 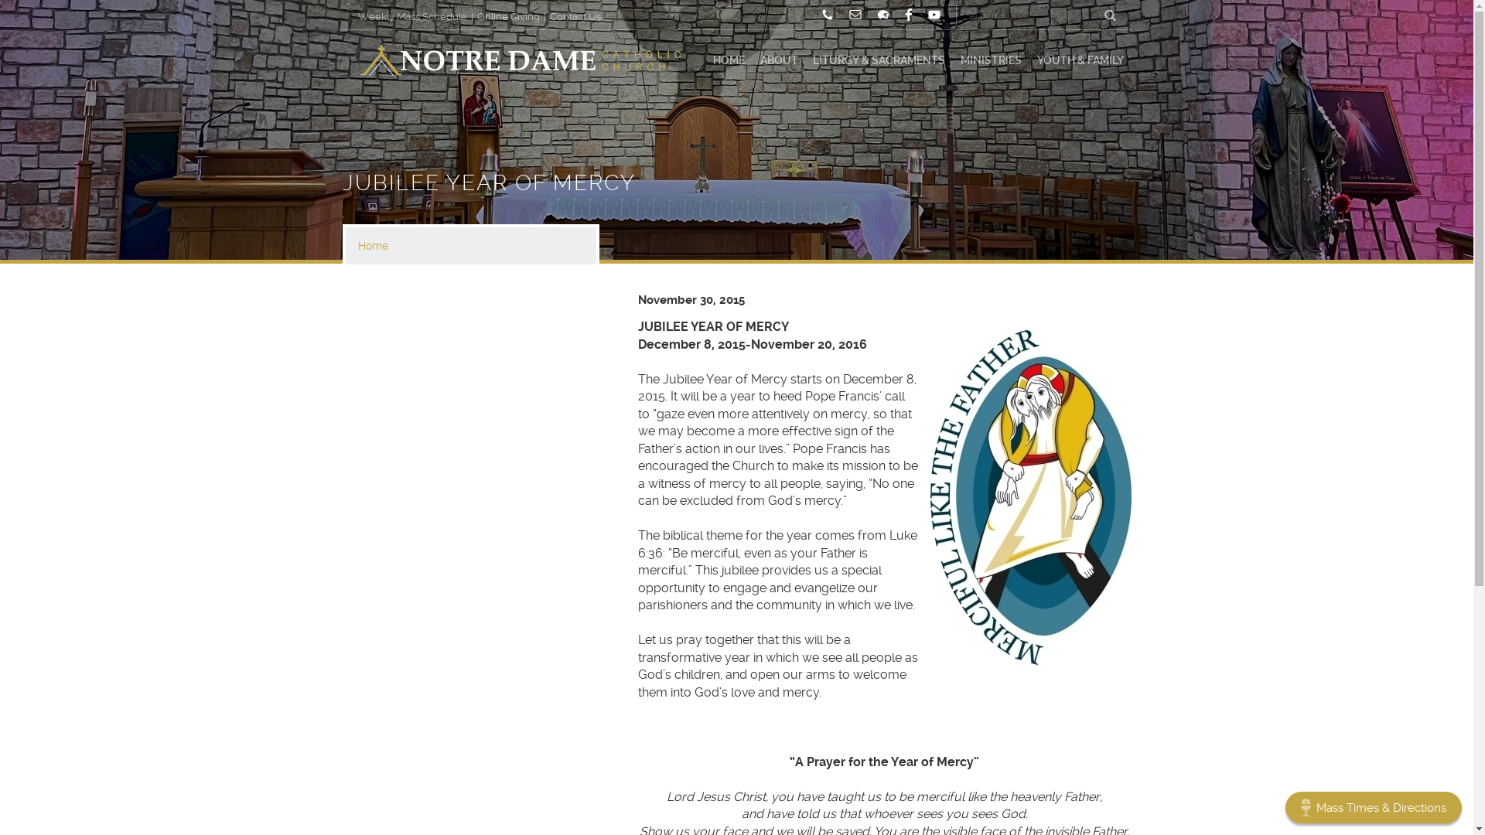 I want to click on 'Contact Us', so click(x=571, y=17).